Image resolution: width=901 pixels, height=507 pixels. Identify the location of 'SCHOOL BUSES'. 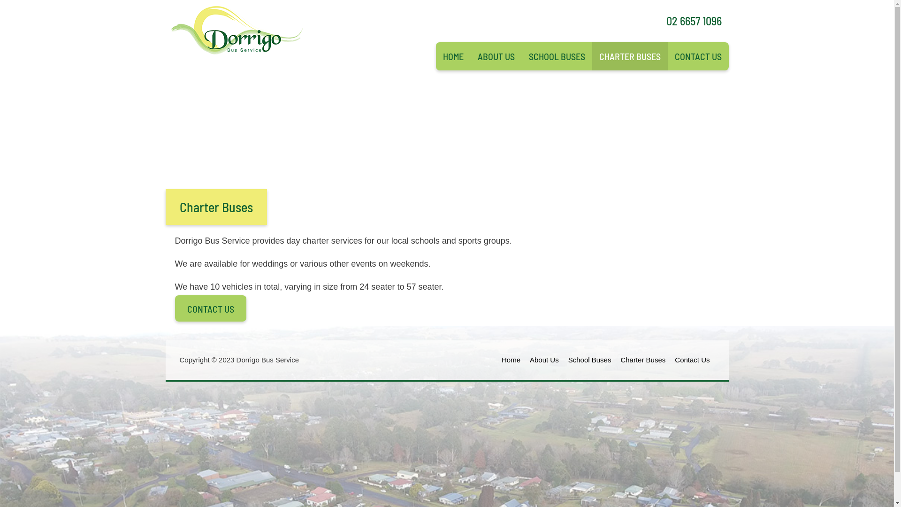
(521, 56).